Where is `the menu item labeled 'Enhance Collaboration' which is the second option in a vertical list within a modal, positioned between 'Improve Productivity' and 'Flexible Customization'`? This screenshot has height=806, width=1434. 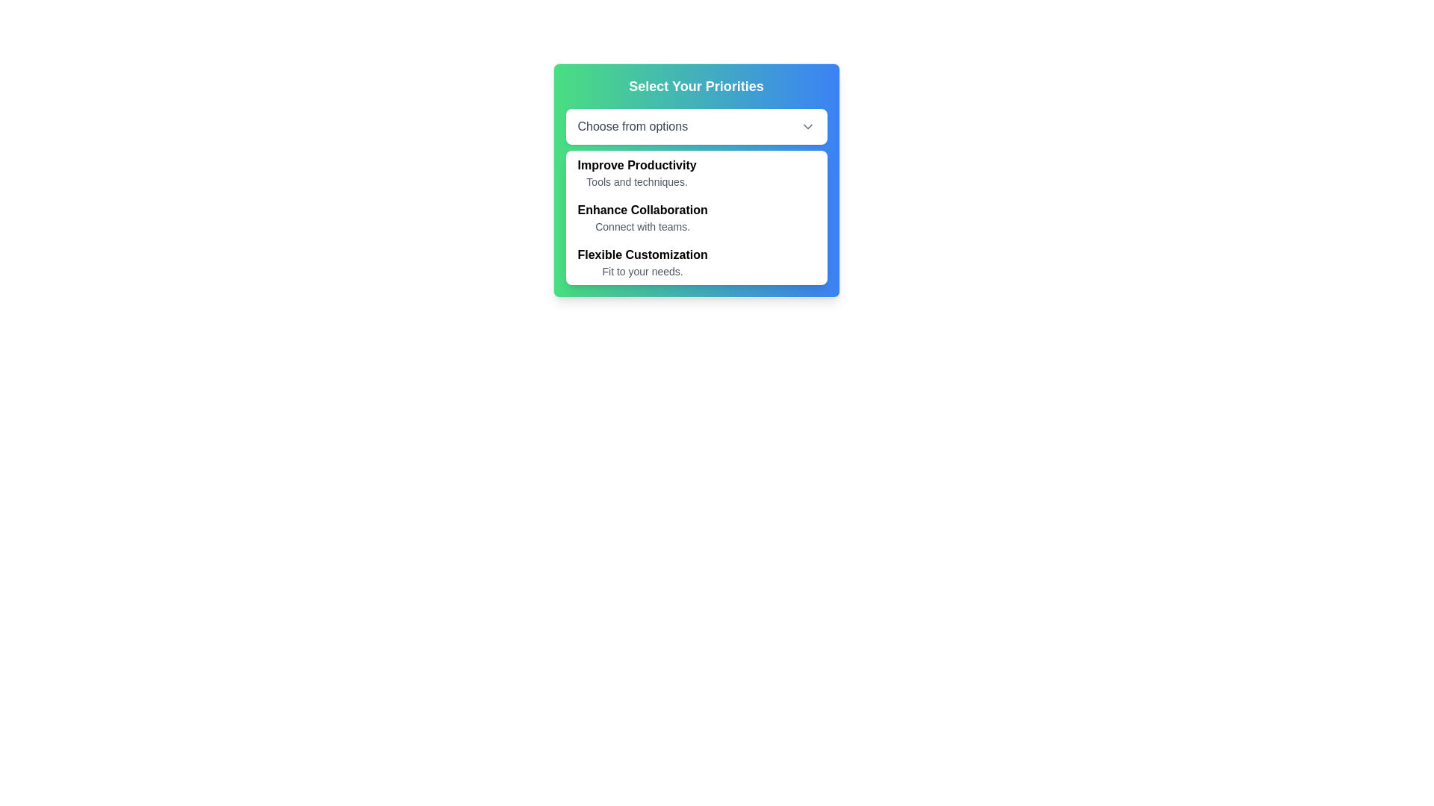 the menu item labeled 'Enhance Collaboration' which is the second option in a vertical list within a modal, positioned between 'Improve Productivity' and 'Flexible Customization' is located at coordinates (695, 218).